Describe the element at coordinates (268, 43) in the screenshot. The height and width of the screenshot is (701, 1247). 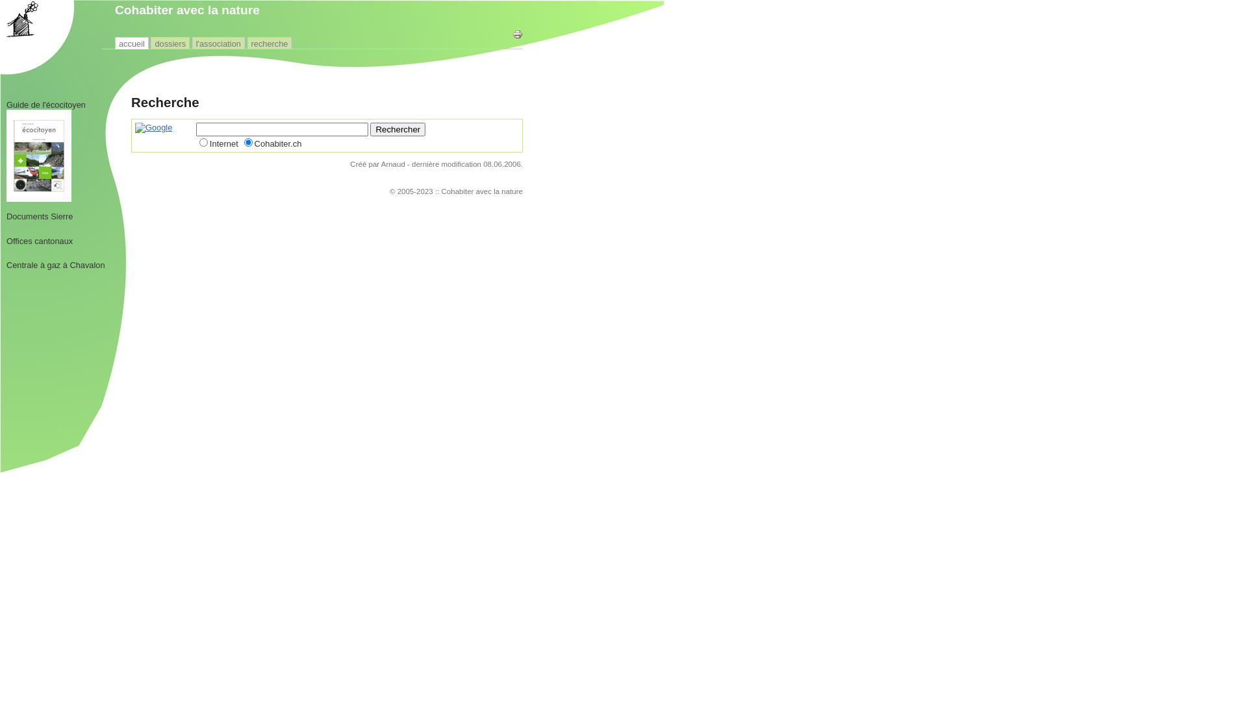
I see `'recherche'` at that location.